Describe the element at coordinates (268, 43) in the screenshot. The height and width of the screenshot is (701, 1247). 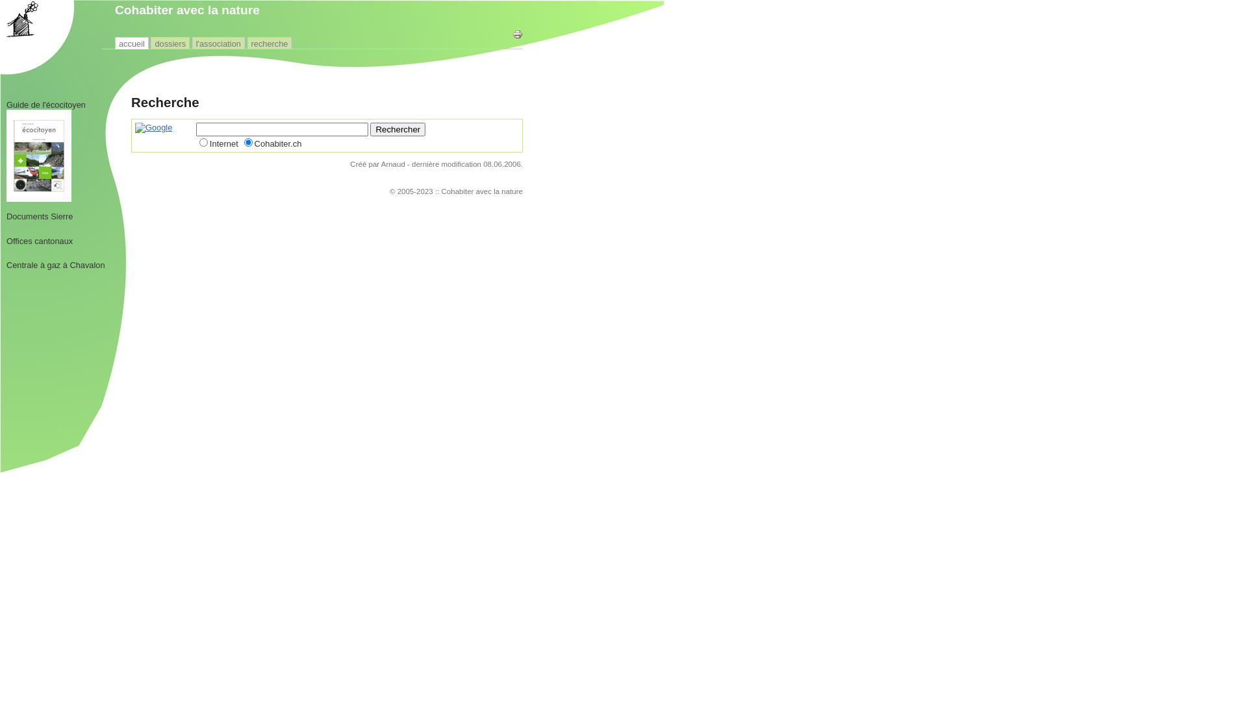
I see `'recherche'` at that location.